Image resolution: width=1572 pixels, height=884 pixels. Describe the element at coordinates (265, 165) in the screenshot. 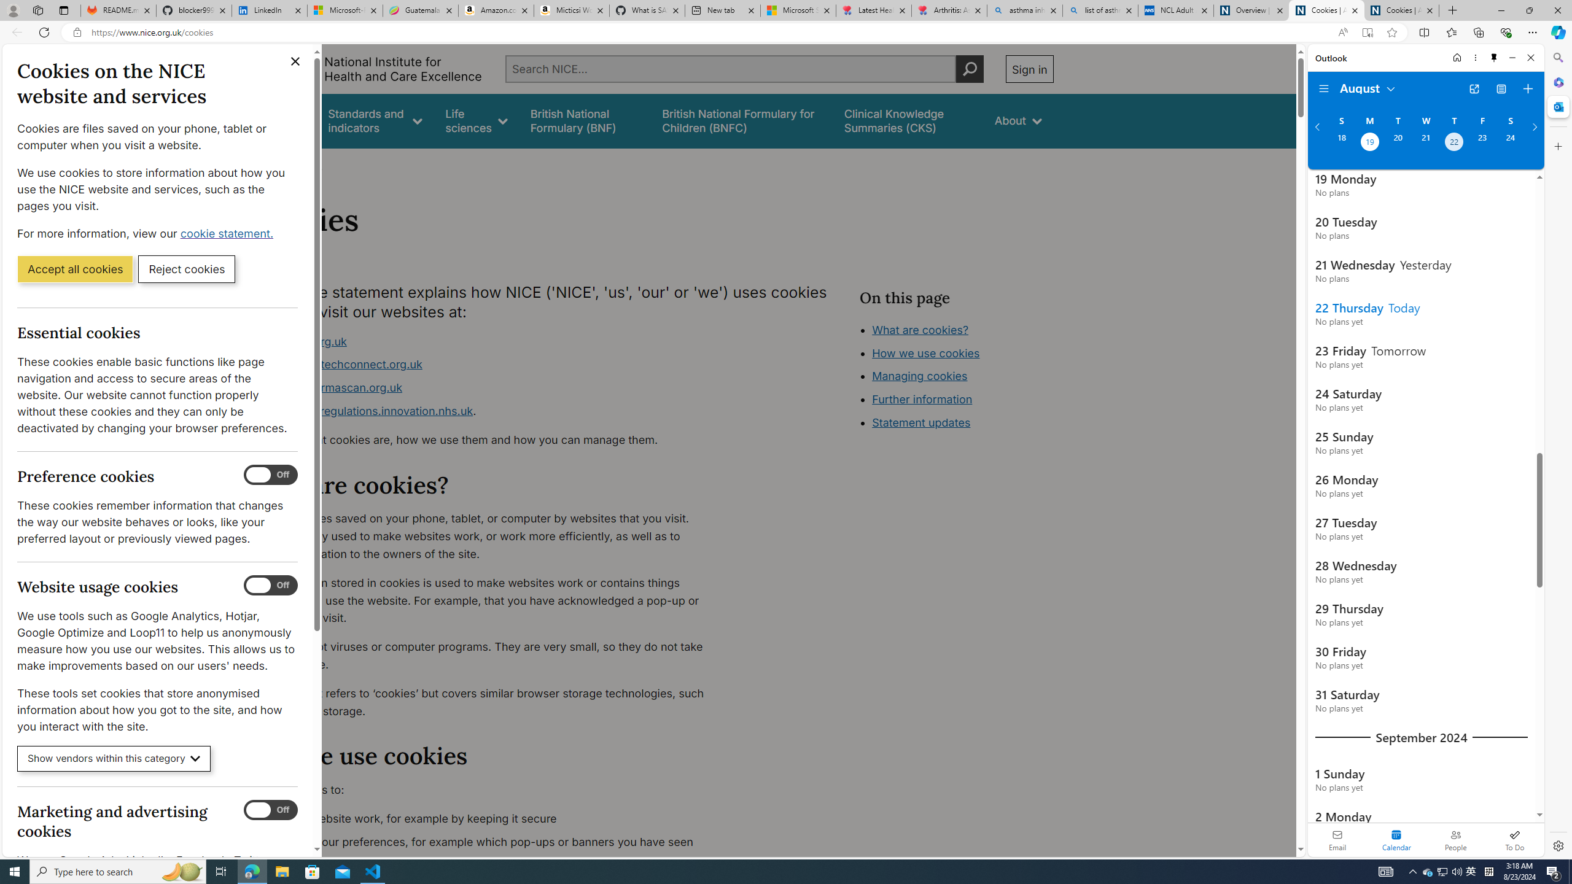

I see `'Home>'` at that location.